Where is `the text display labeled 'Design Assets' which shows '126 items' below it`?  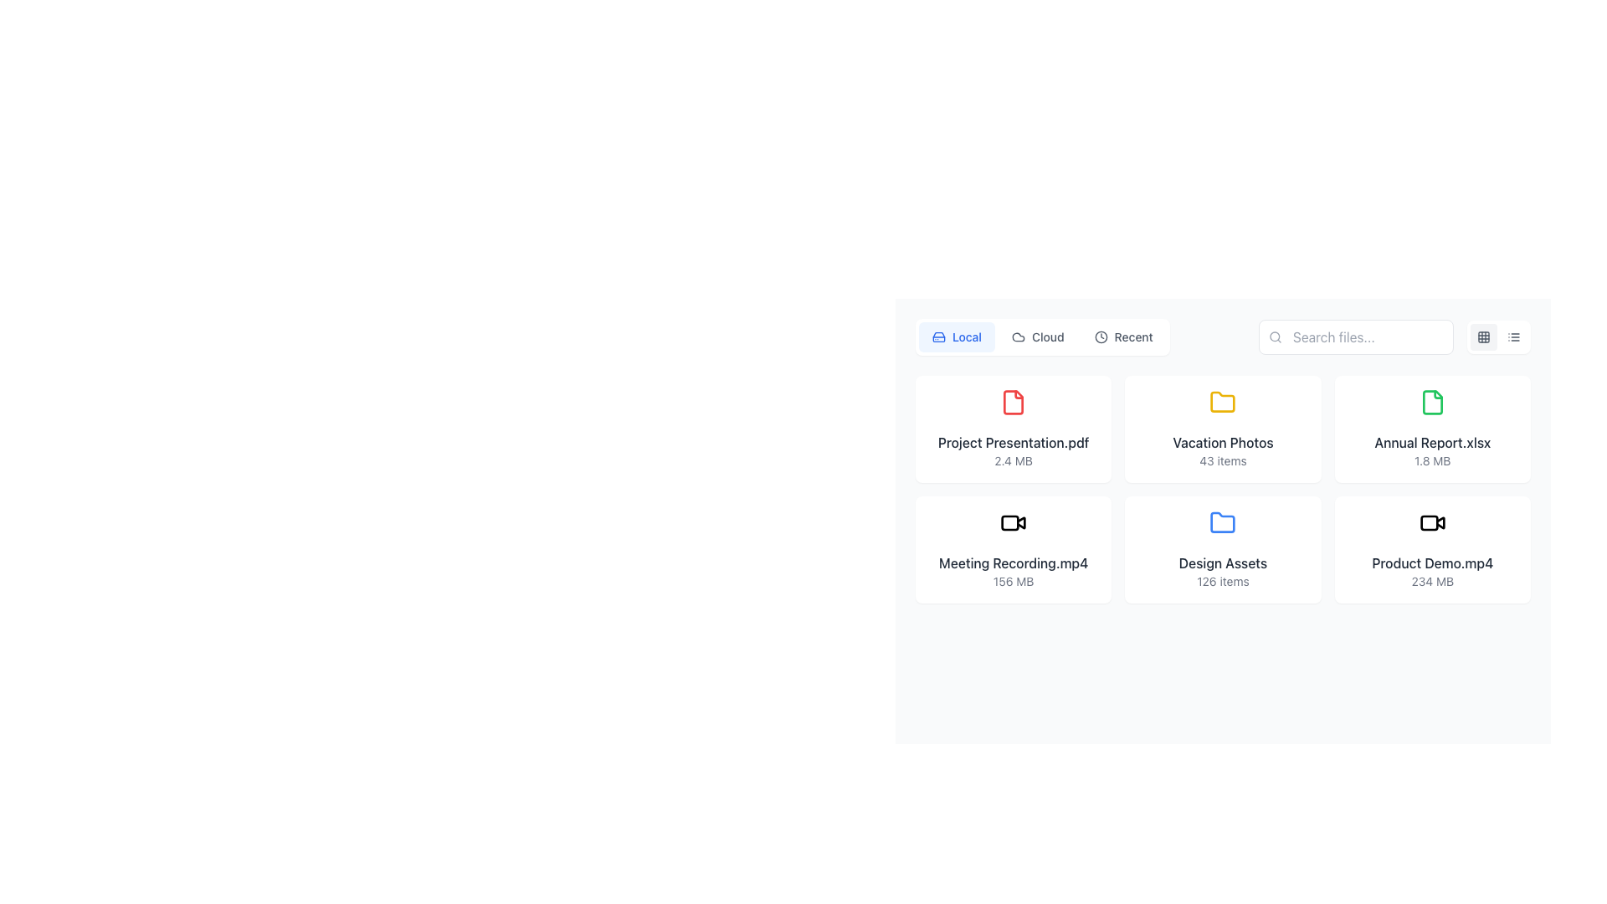
the text display labeled 'Design Assets' which shows '126 items' below it is located at coordinates (1223, 570).